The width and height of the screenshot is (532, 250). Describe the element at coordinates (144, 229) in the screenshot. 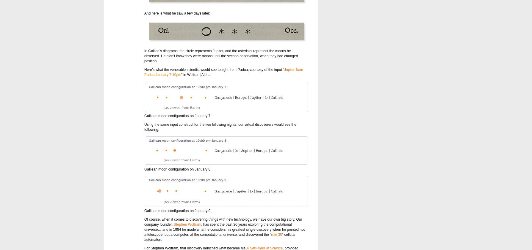

I see `', has spent the past 30 years exploring the computational universe… and in 1984 he made what he considers his greatest single discovery when he pointed not a telescope, but a computer, at the computational universe, and discovered the “'` at that location.